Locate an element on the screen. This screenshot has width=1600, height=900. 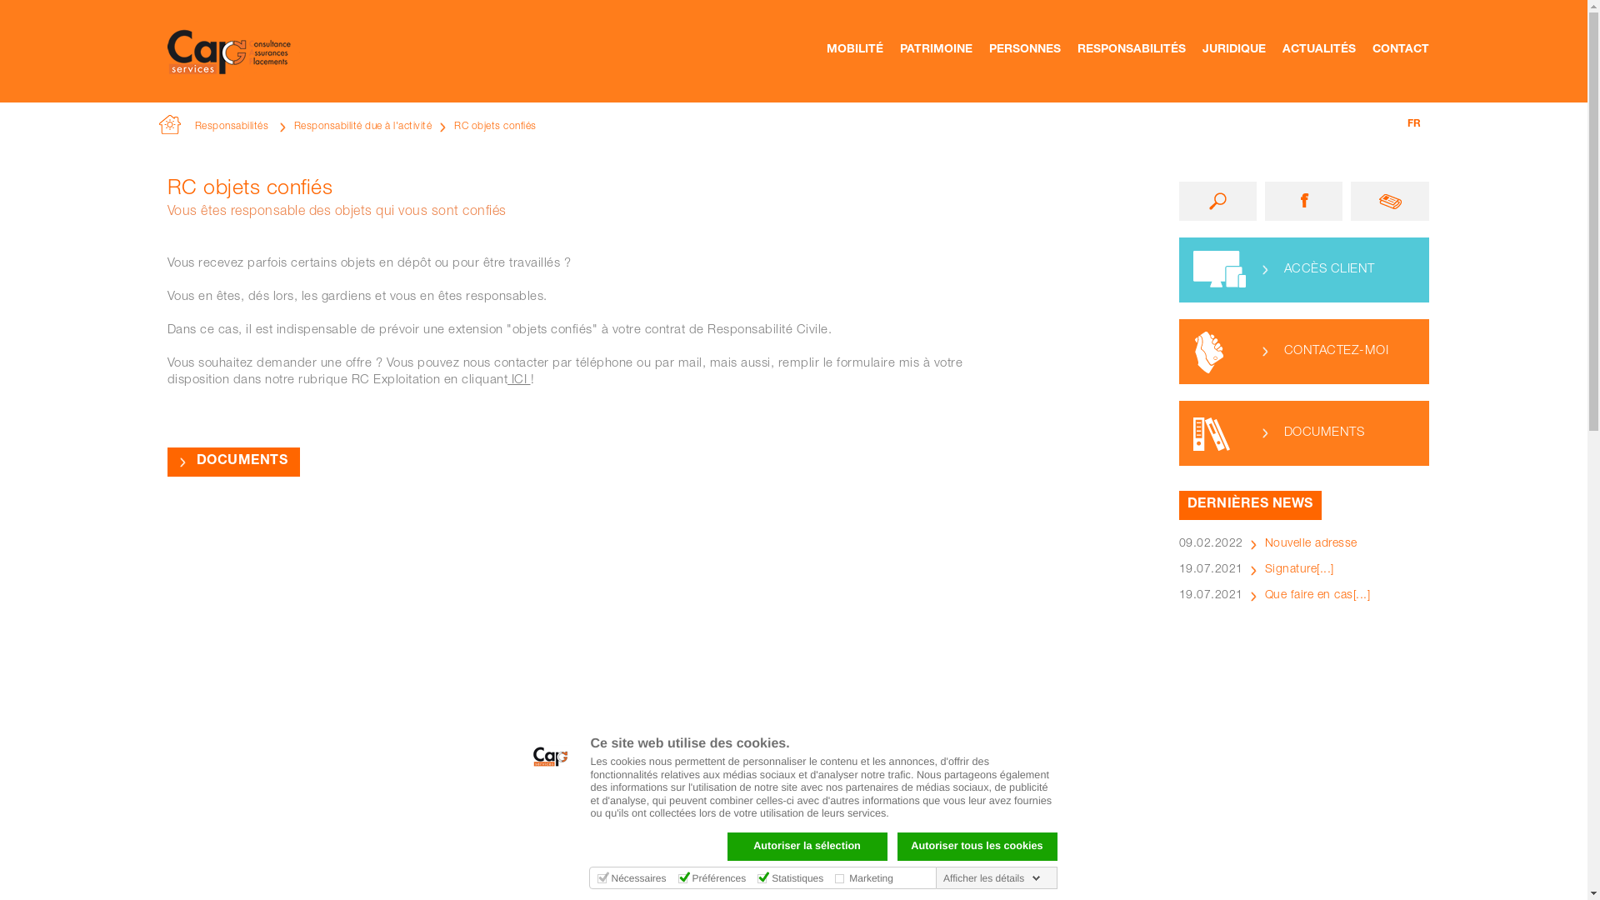
'Signature[...]' is located at coordinates (1298, 568).